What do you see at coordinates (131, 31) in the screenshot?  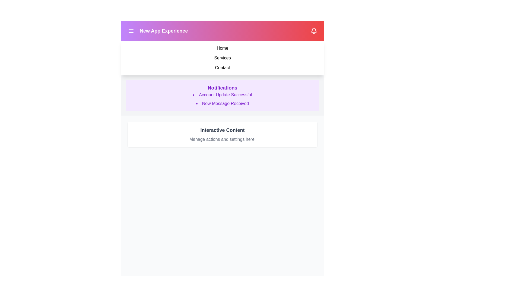 I see `the menu toggle button to toggle the menu visibility` at bounding box center [131, 31].